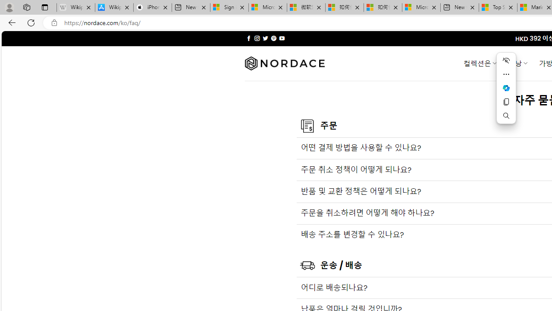 Image resolution: width=552 pixels, height=311 pixels. Describe the element at coordinates (498, 7) in the screenshot. I see `'Top Stories - MSN'` at that location.